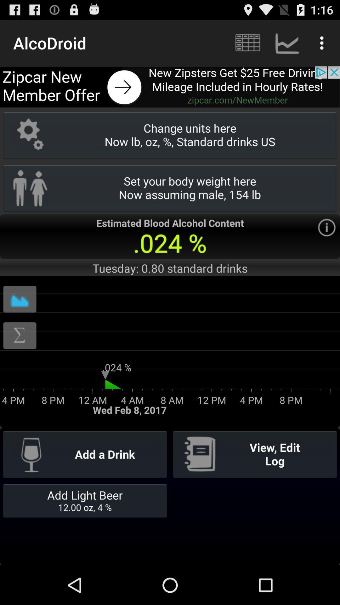 This screenshot has height=605, width=340. I want to click on information, so click(326, 227).